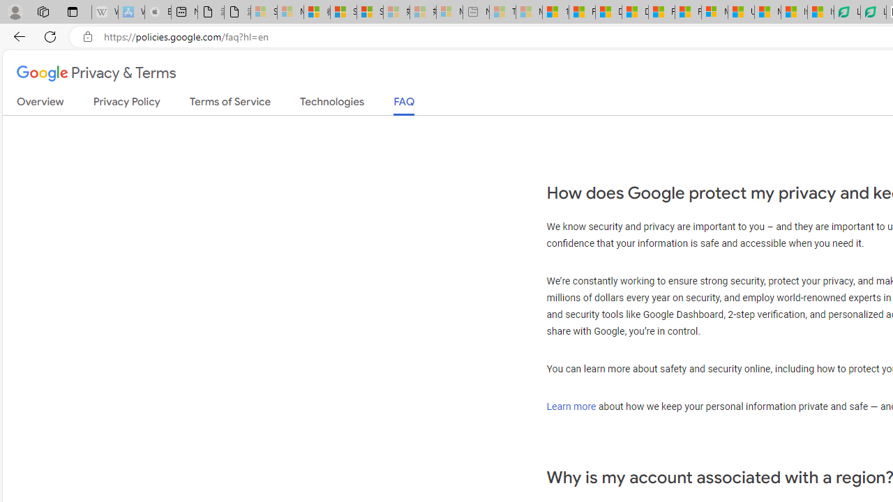 The height and width of the screenshot is (502, 893). Describe the element at coordinates (502, 12) in the screenshot. I see `'Top Stories - MSN - Sleeping'` at that location.